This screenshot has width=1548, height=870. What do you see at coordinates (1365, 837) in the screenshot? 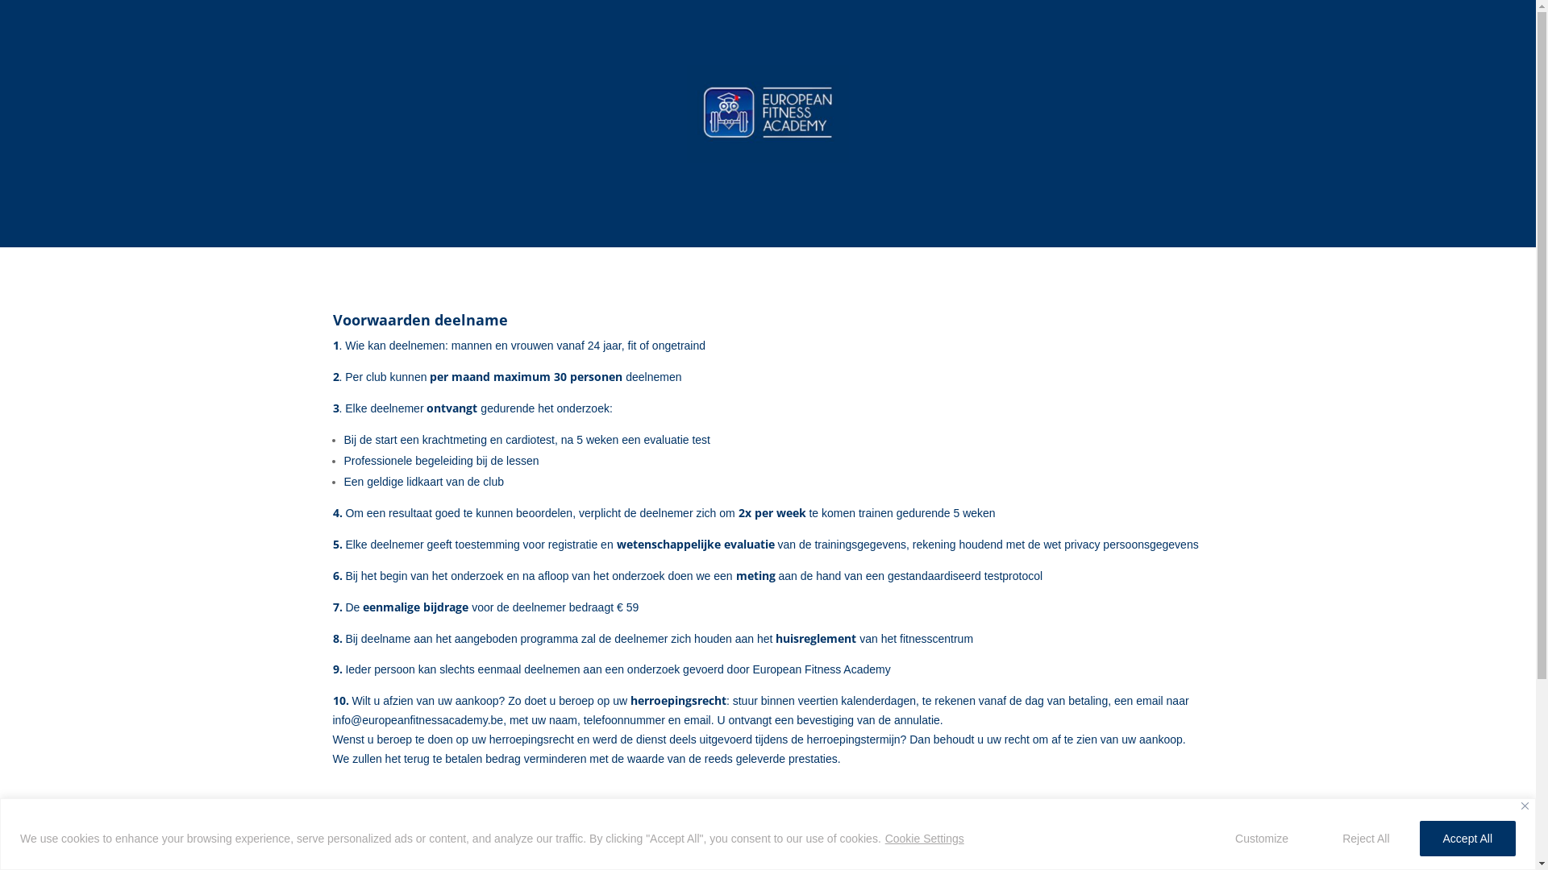
I see `'Reject All'` at bounding box center [1365, 837].